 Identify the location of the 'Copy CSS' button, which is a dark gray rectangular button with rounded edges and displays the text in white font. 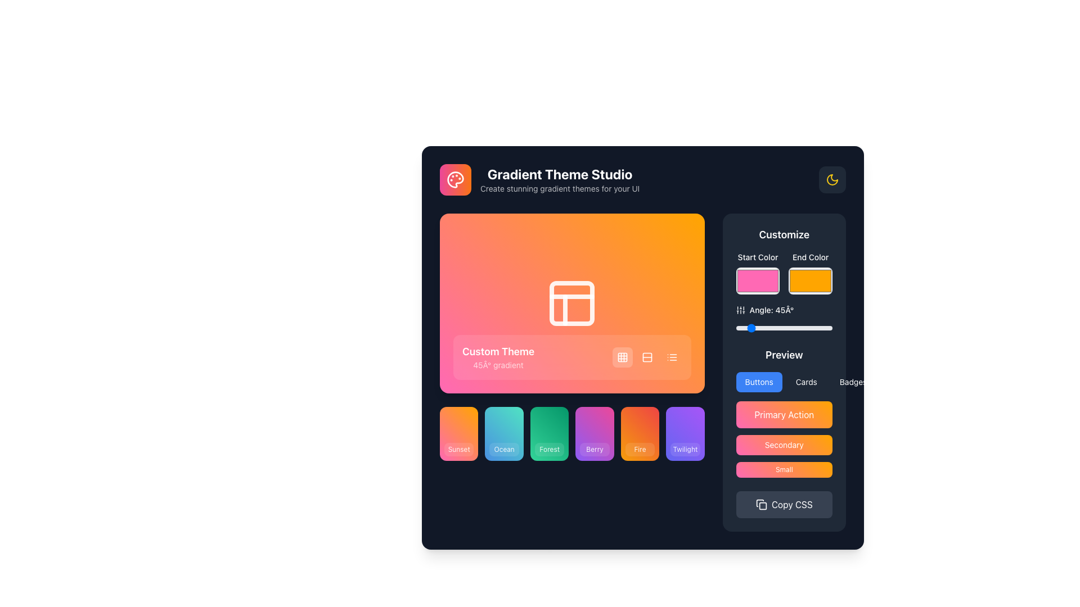
(791, 504).